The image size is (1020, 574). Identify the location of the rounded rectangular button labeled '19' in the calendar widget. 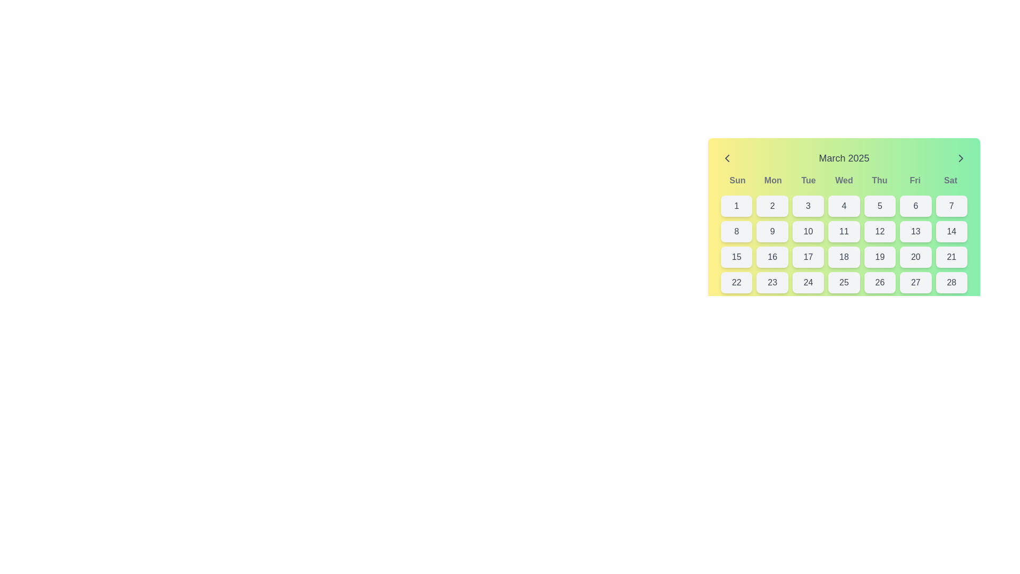
(880, 257).